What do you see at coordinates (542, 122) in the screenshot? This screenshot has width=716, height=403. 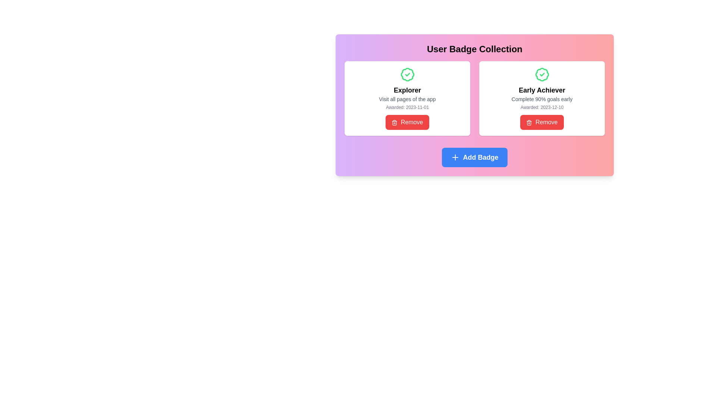 I see `the button located at the bottom part of the 'Early Achiever' badge card` at bounding box center [542, 122].